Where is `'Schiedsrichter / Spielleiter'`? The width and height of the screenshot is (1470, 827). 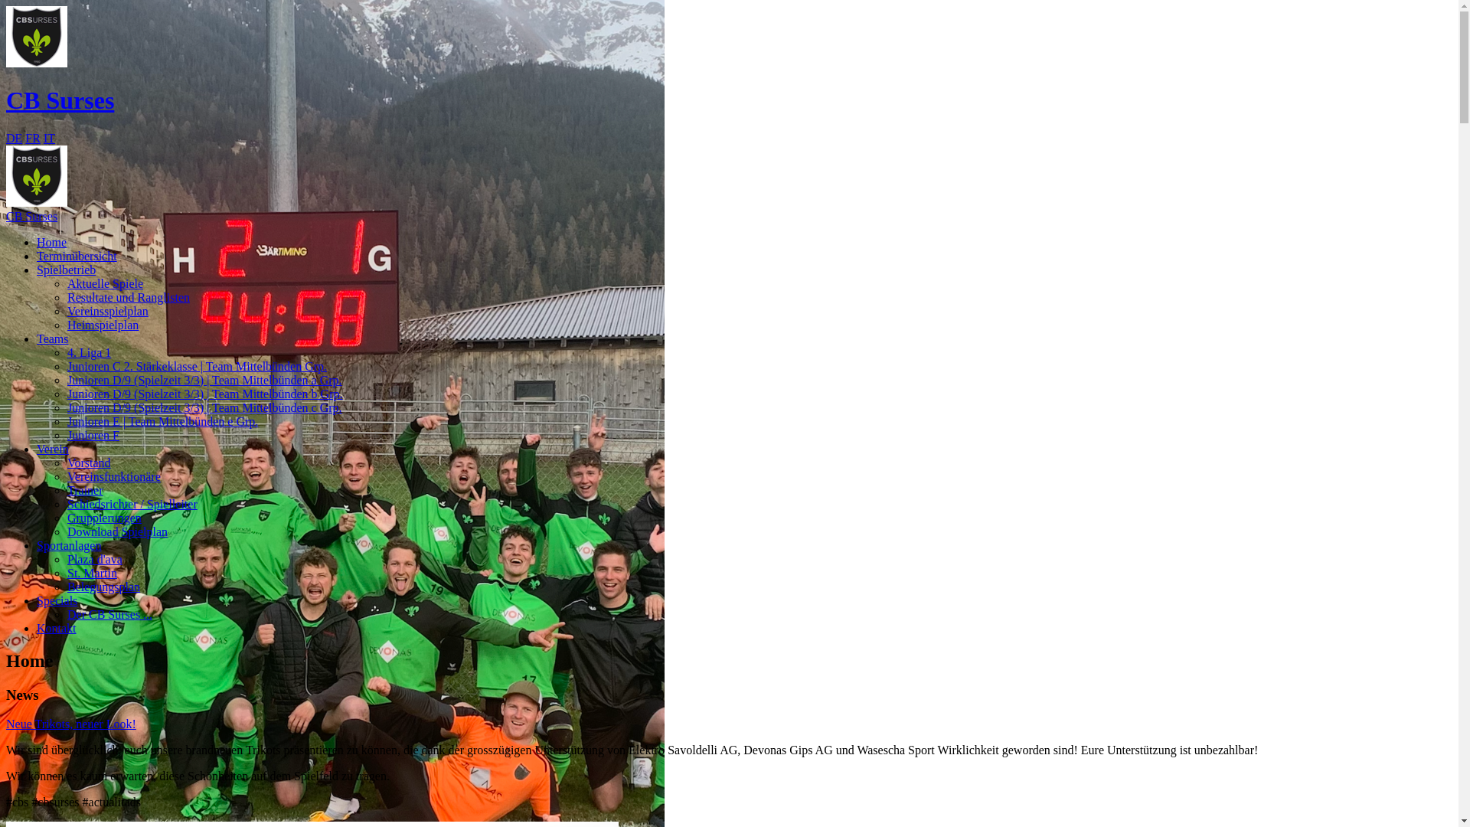 'Schiedsrichter / Spielleiter' is located at coordinates (66, 504).